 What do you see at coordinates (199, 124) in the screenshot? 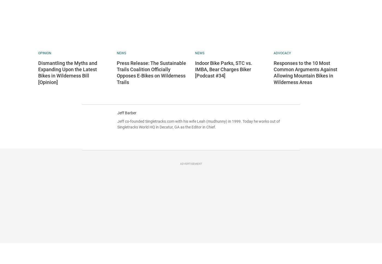
I see `'Jeff co-founded Singletracks.com with his wife Leah (mudhunny) in 1999. Today he works out of Singletracks World HQ in Decatur, GA as the Editor in Chief.'` at bounding box center [199, 124].